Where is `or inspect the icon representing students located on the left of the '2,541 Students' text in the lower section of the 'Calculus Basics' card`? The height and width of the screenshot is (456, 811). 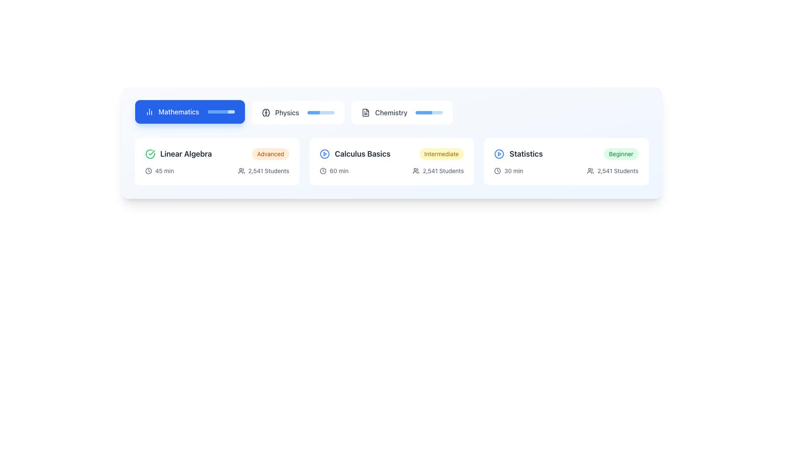
or inspect the icon representing students located on the left of the '2,541 Students' text in the lower section of the 'Calculus Basics' card is located at coordinates (241, 171).